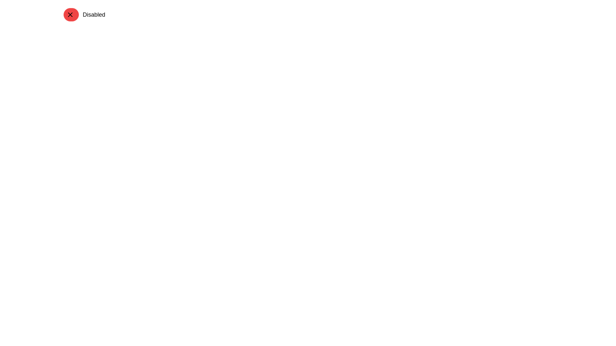  I want to click on the text label displaying 'Disabled', which is styled in bold black font and positioned next to a red circular icon with an 'X', so click(93, 14).